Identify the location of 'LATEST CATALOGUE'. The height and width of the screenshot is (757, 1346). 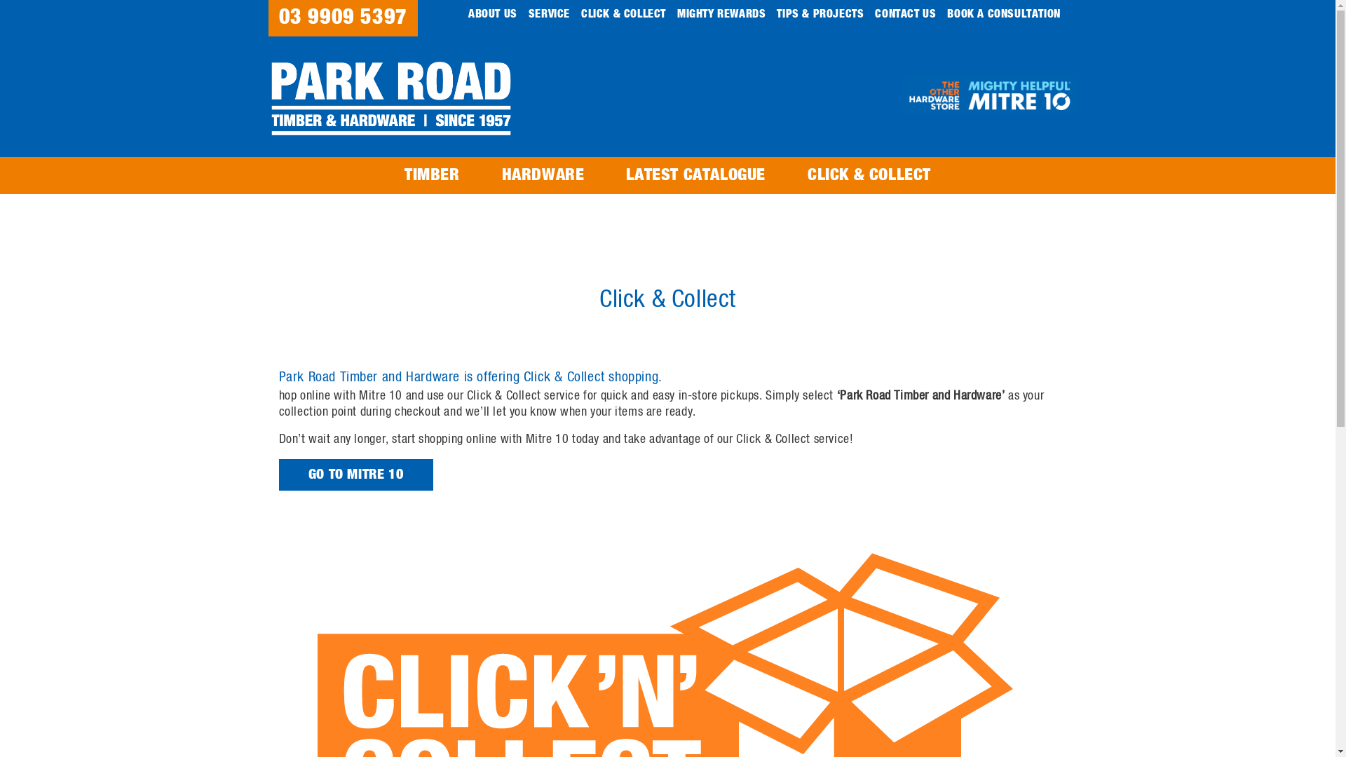
(695, 175).